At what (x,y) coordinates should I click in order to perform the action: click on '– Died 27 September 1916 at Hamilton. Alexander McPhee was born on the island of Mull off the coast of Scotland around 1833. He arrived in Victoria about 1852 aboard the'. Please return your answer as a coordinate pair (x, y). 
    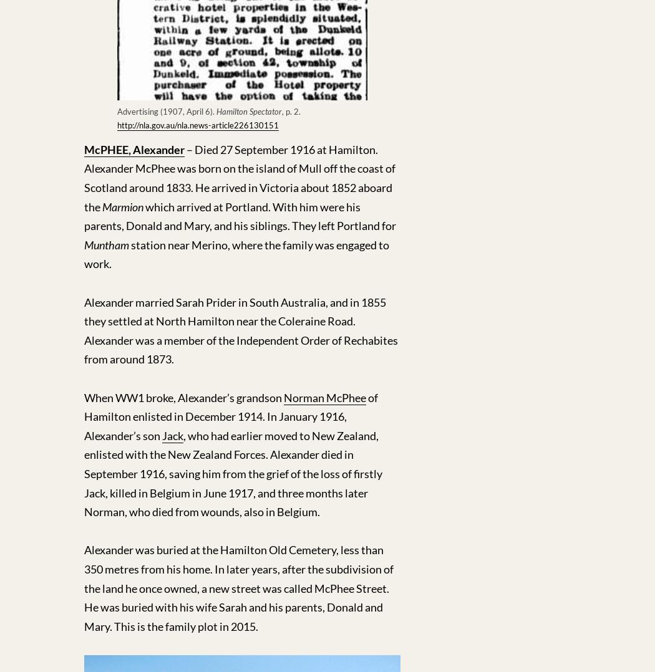
    Looking at the image, I should click on (240, 178).